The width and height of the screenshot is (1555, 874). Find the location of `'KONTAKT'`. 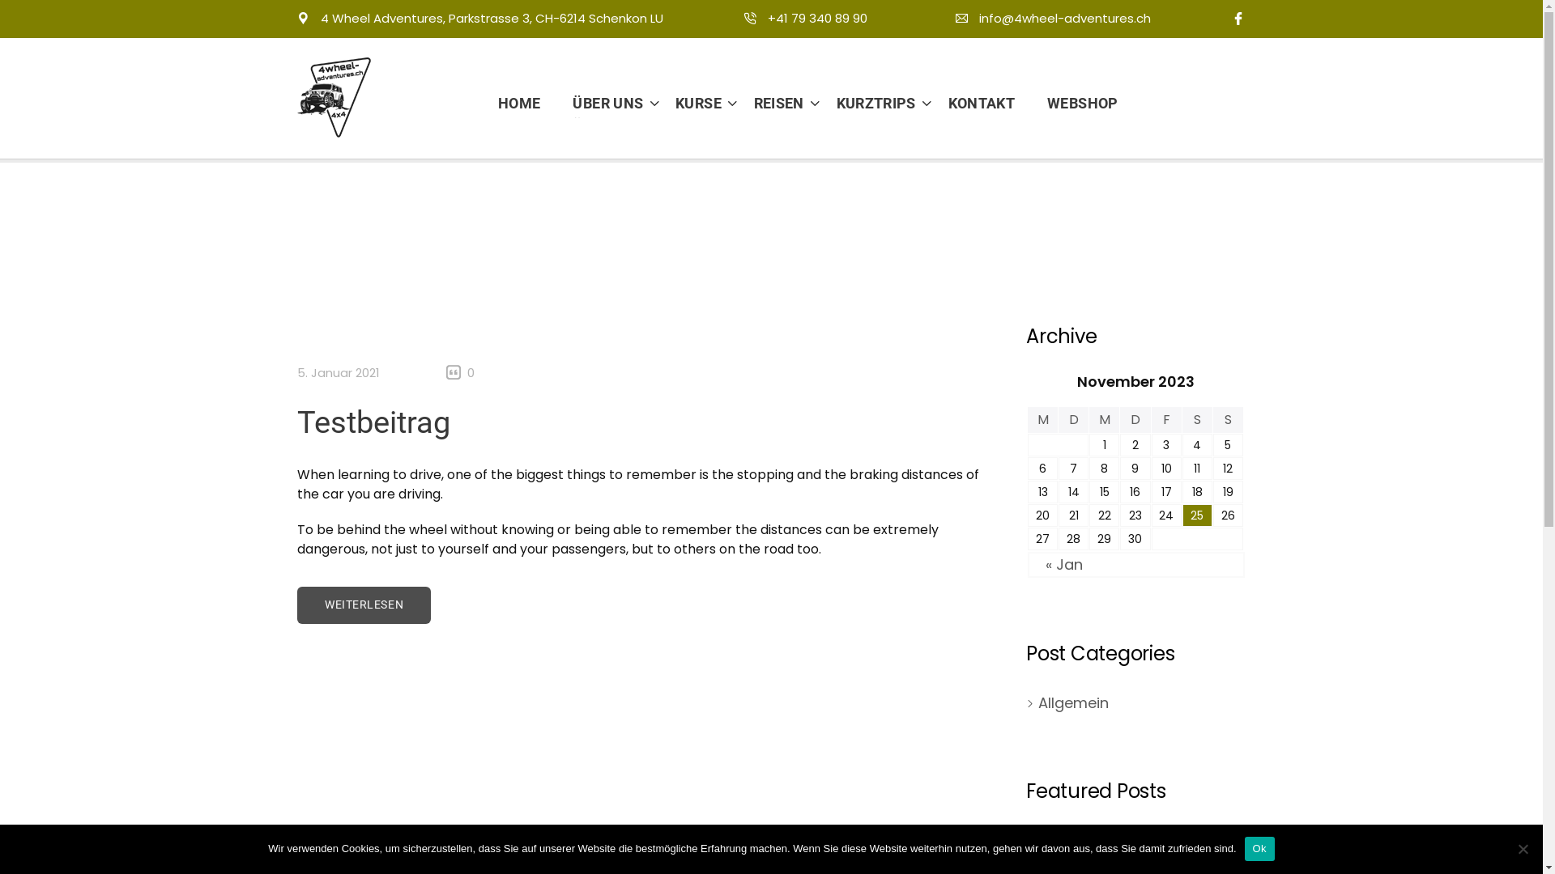

'KONTAKT' is located at coordinates (981, 103).